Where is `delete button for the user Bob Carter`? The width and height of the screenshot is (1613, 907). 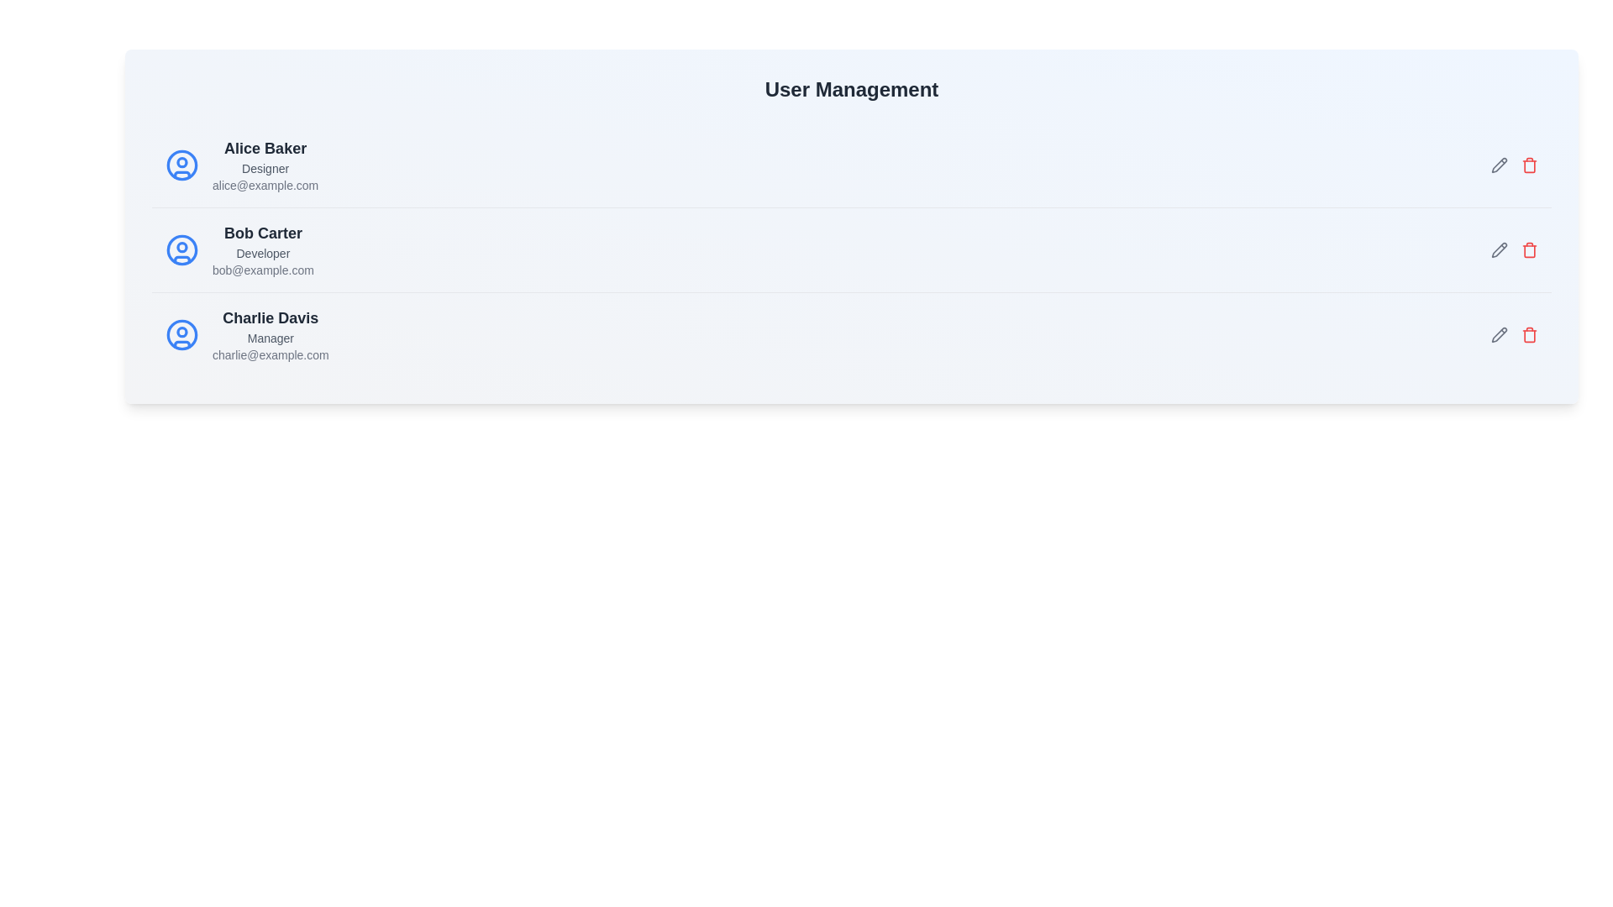
delete button for the user Bob Carter is located at coordinates (1529, 249).